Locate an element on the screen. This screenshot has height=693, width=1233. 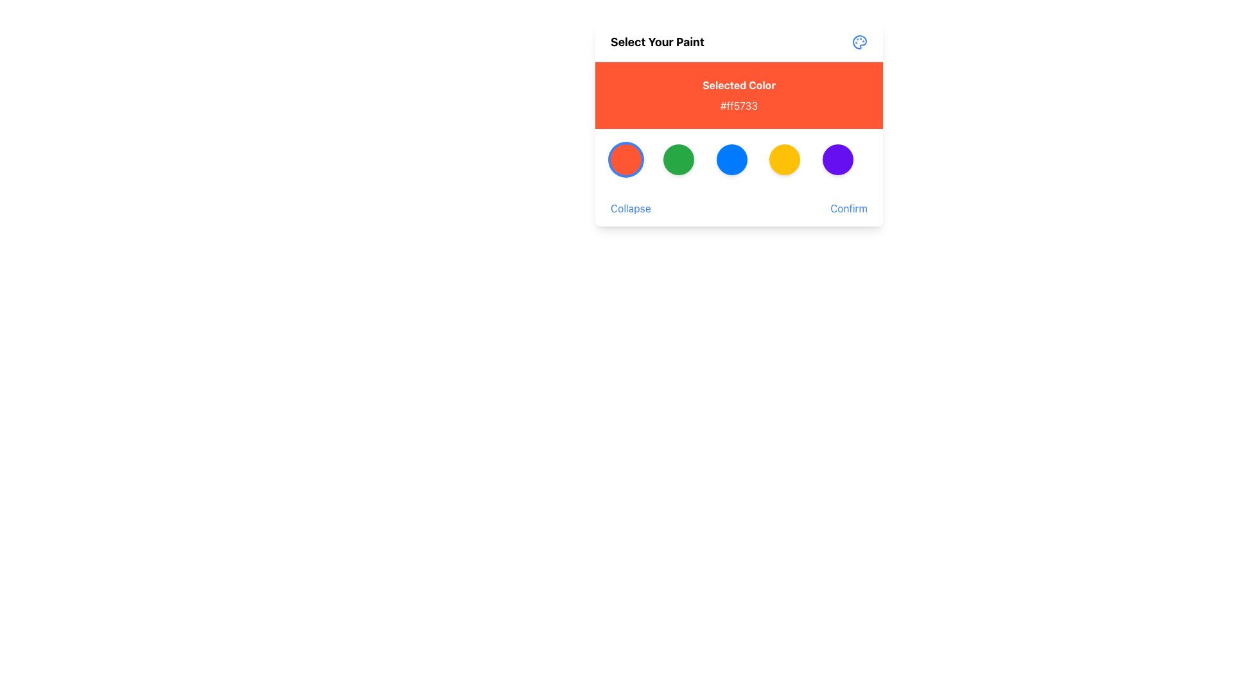
the text label indicating the title or context of the color selection component, which is positioned above the color code text block and aligned near the top center of the interface is located at coordinates (739, 85).